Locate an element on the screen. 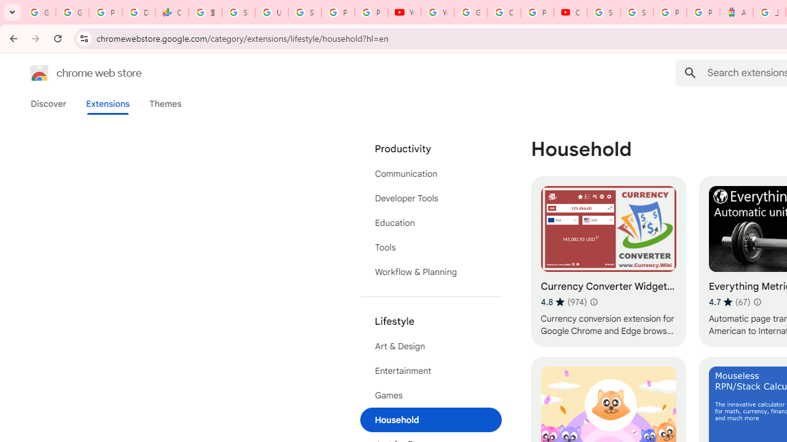 This screenshot has width=787, height=442. 'Themes' is located at coordinates (165, 103).